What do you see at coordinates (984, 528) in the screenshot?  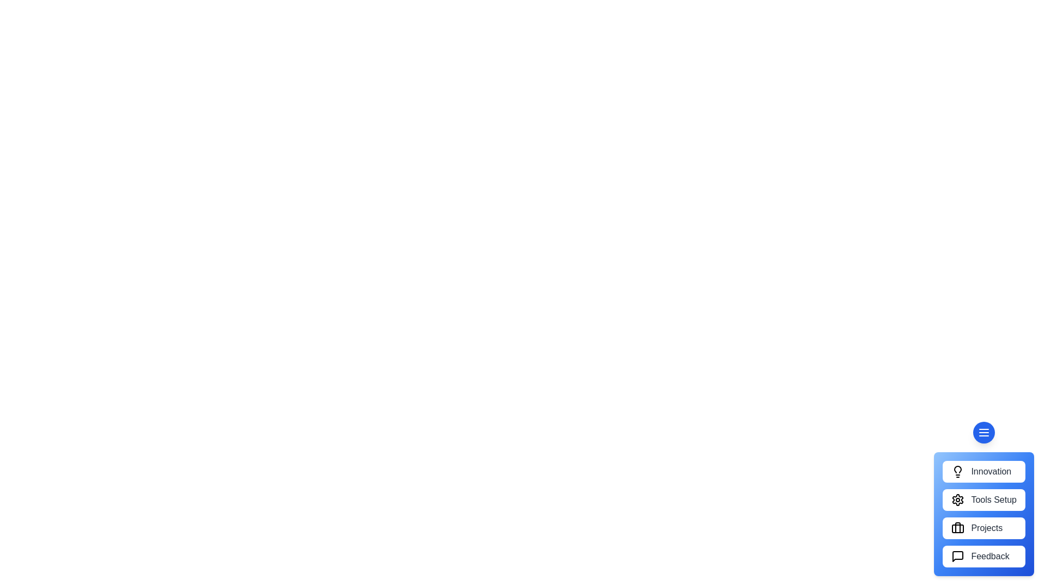 I see `the 'Projects' button` at bounding box center [984, 528].